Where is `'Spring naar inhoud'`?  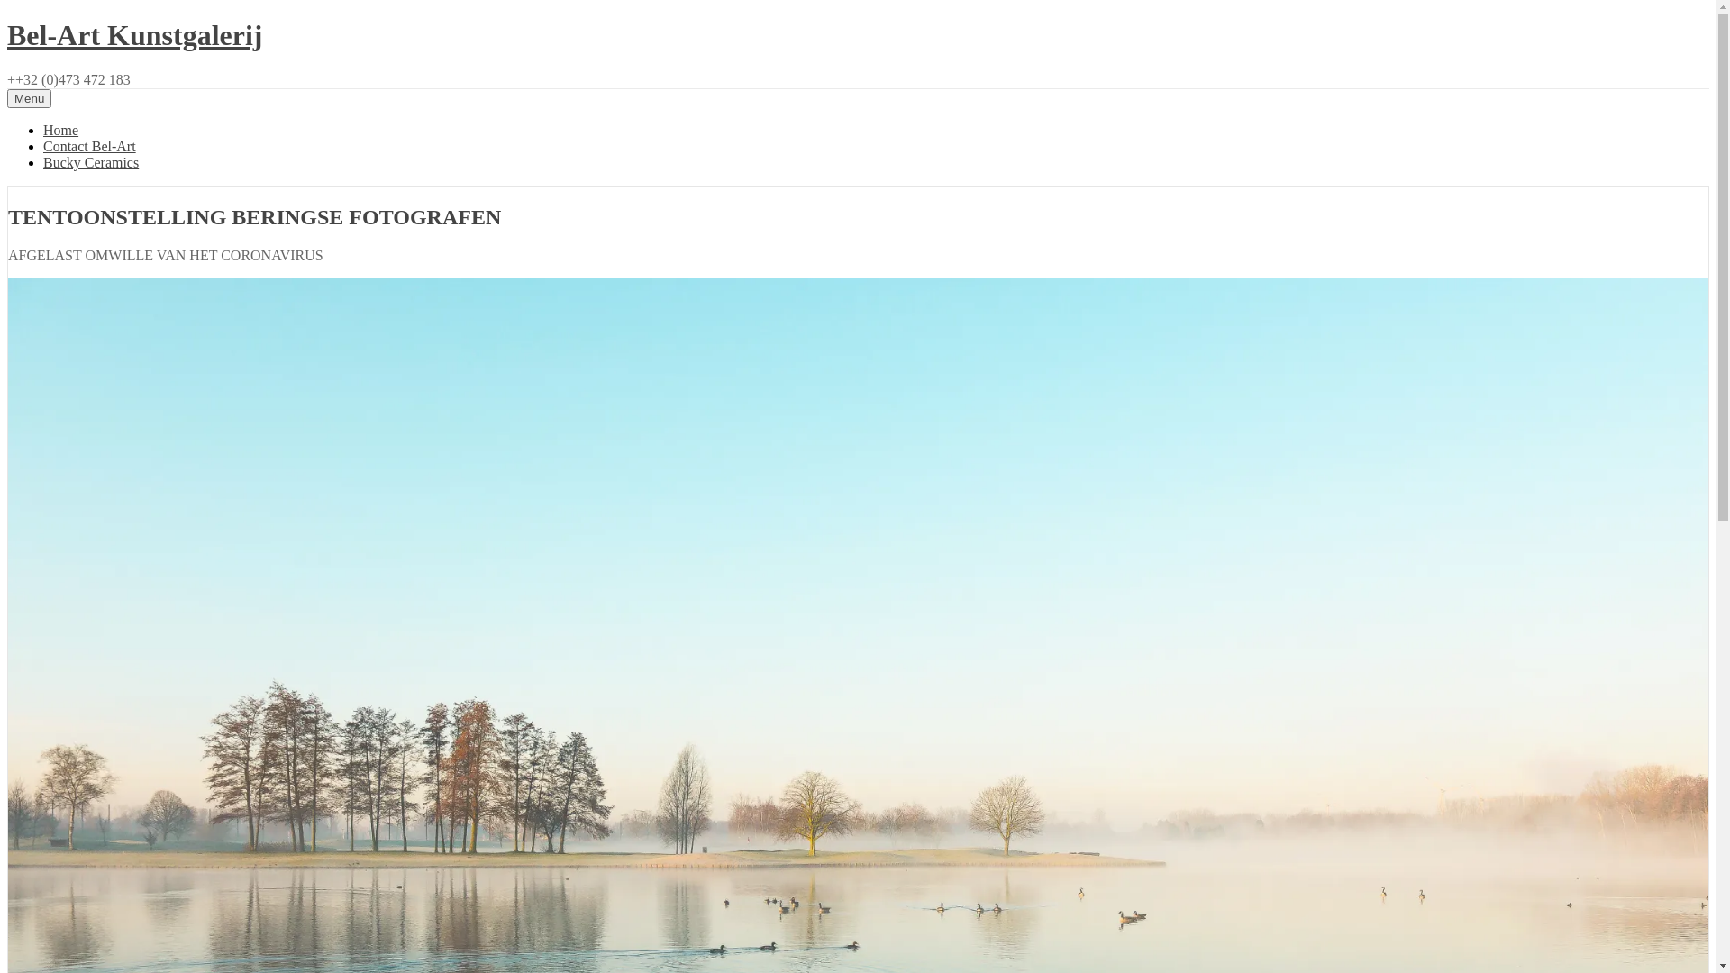
'Spring naar inhoud' is located at coordinates (6, 18).